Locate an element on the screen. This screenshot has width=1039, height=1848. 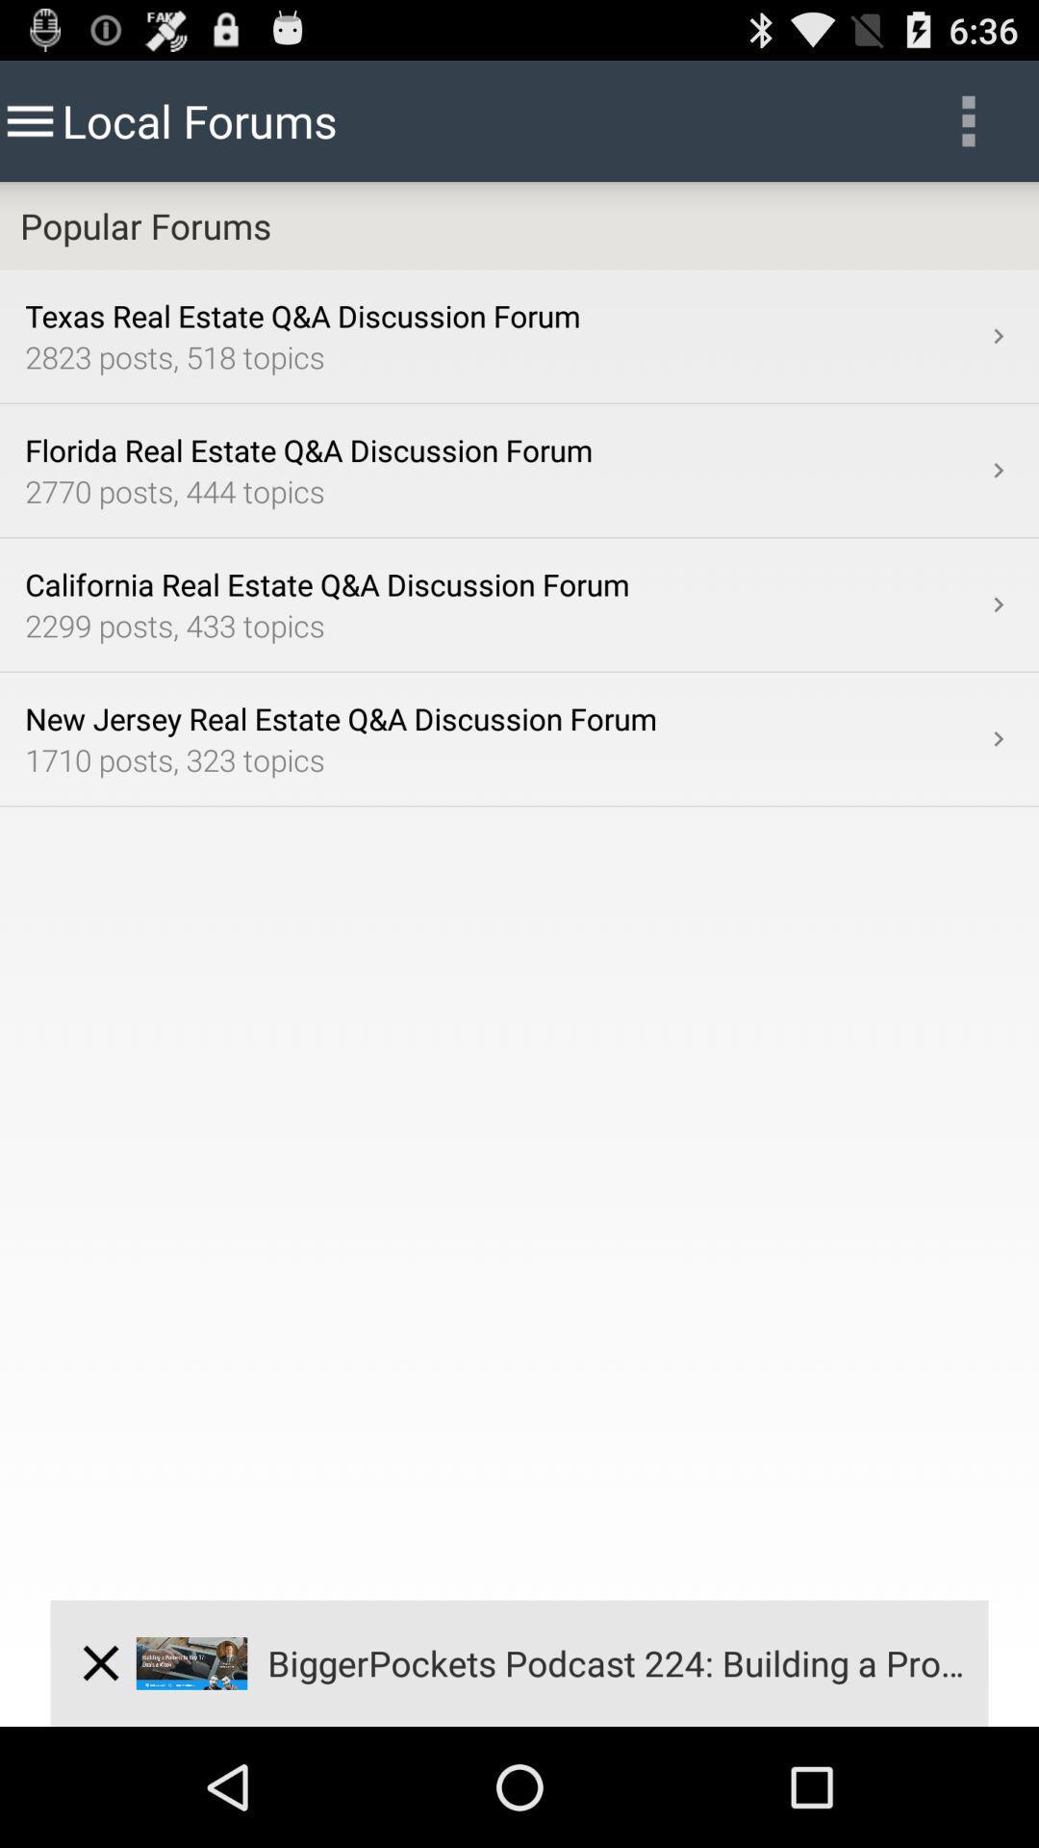
app below the california real estate item is located at coordinates (503, 625).